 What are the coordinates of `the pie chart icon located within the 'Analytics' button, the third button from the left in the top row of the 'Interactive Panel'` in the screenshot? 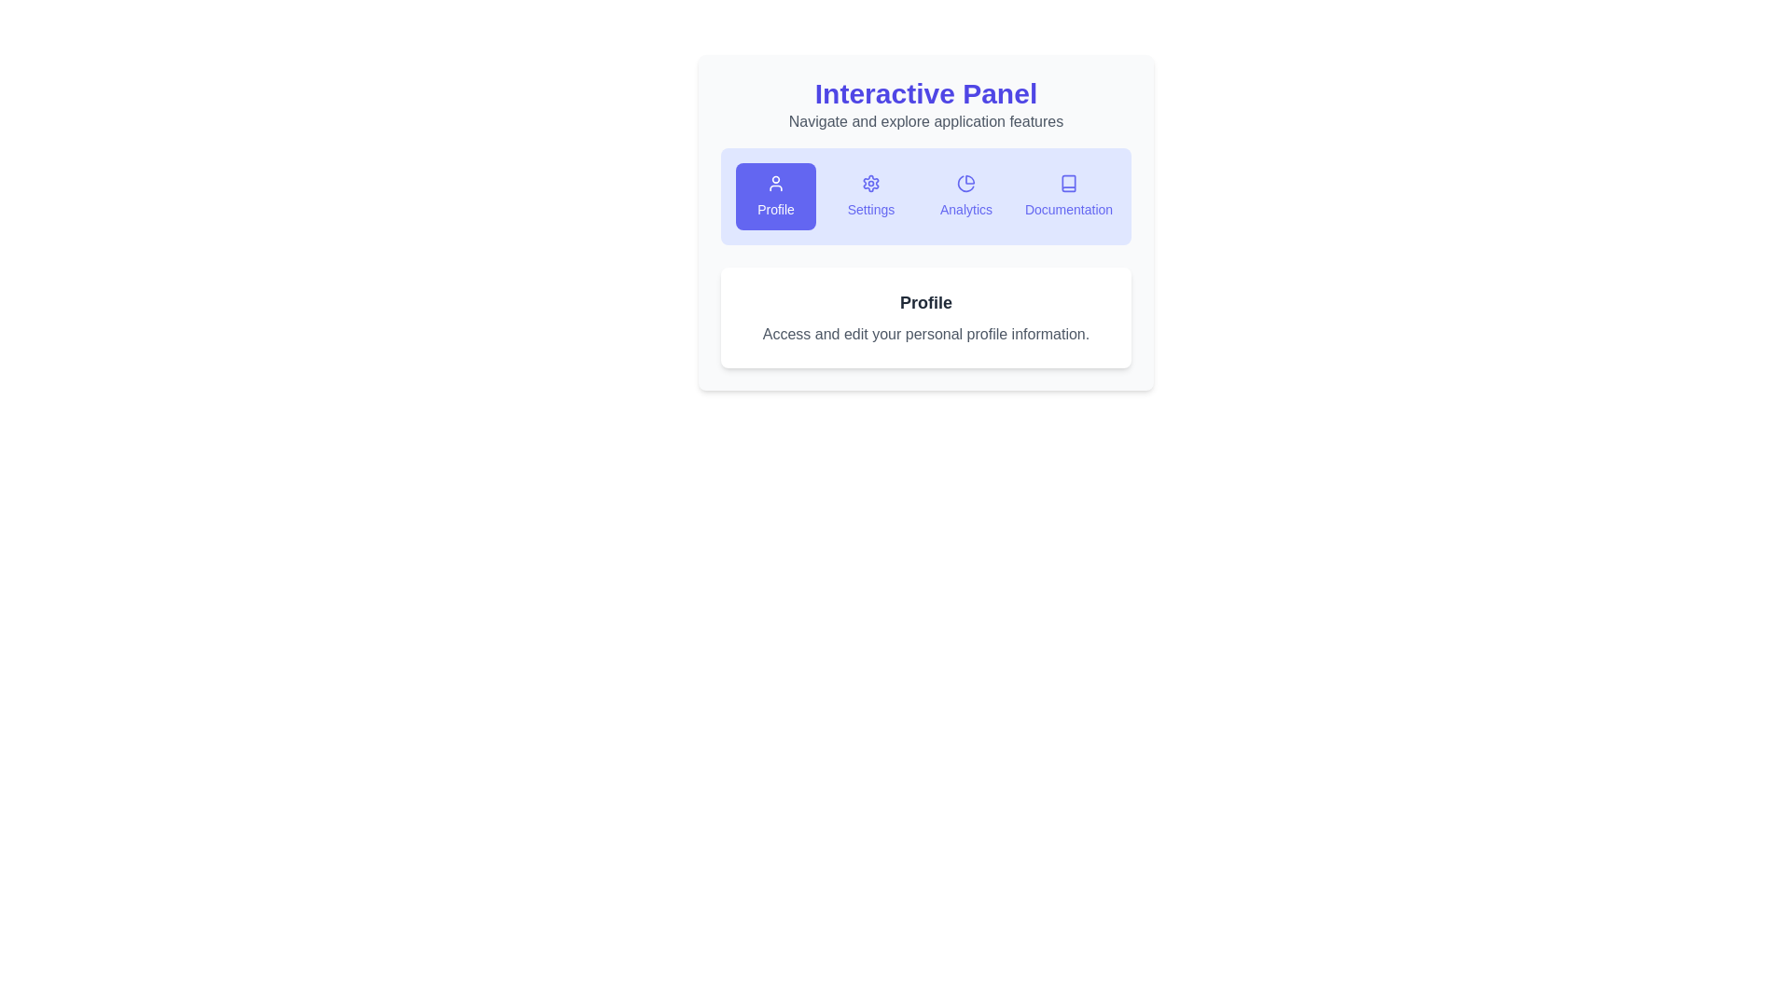 It's located at (966, 183).